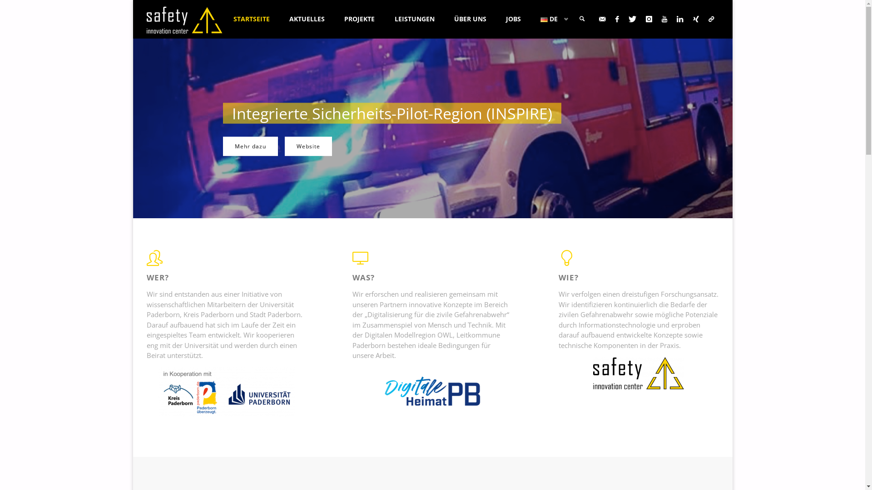  Describe the element at coordinates (649, 19) in the screenshot. I see `'Instagram'` at that location.